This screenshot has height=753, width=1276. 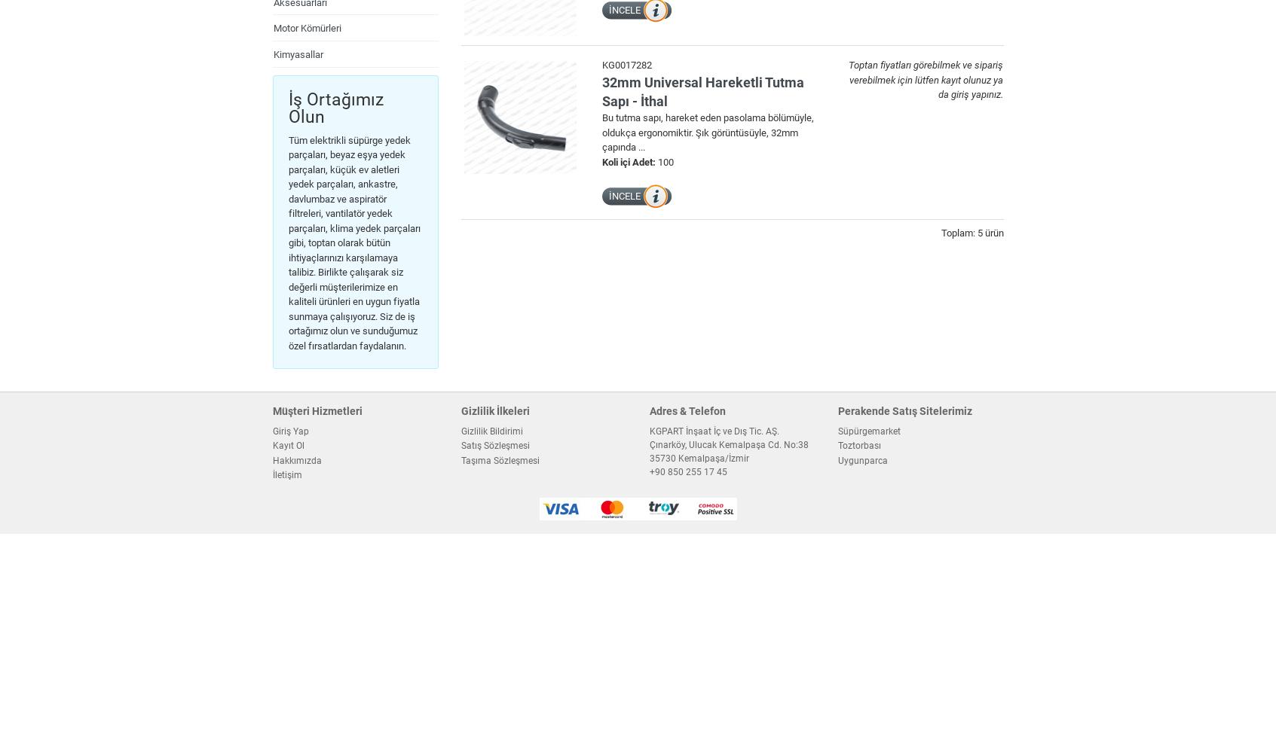 What do you see at coordinates (626, 64) in the screenshot?
I see `'KG0017282'` at bounding box center [626, 64].